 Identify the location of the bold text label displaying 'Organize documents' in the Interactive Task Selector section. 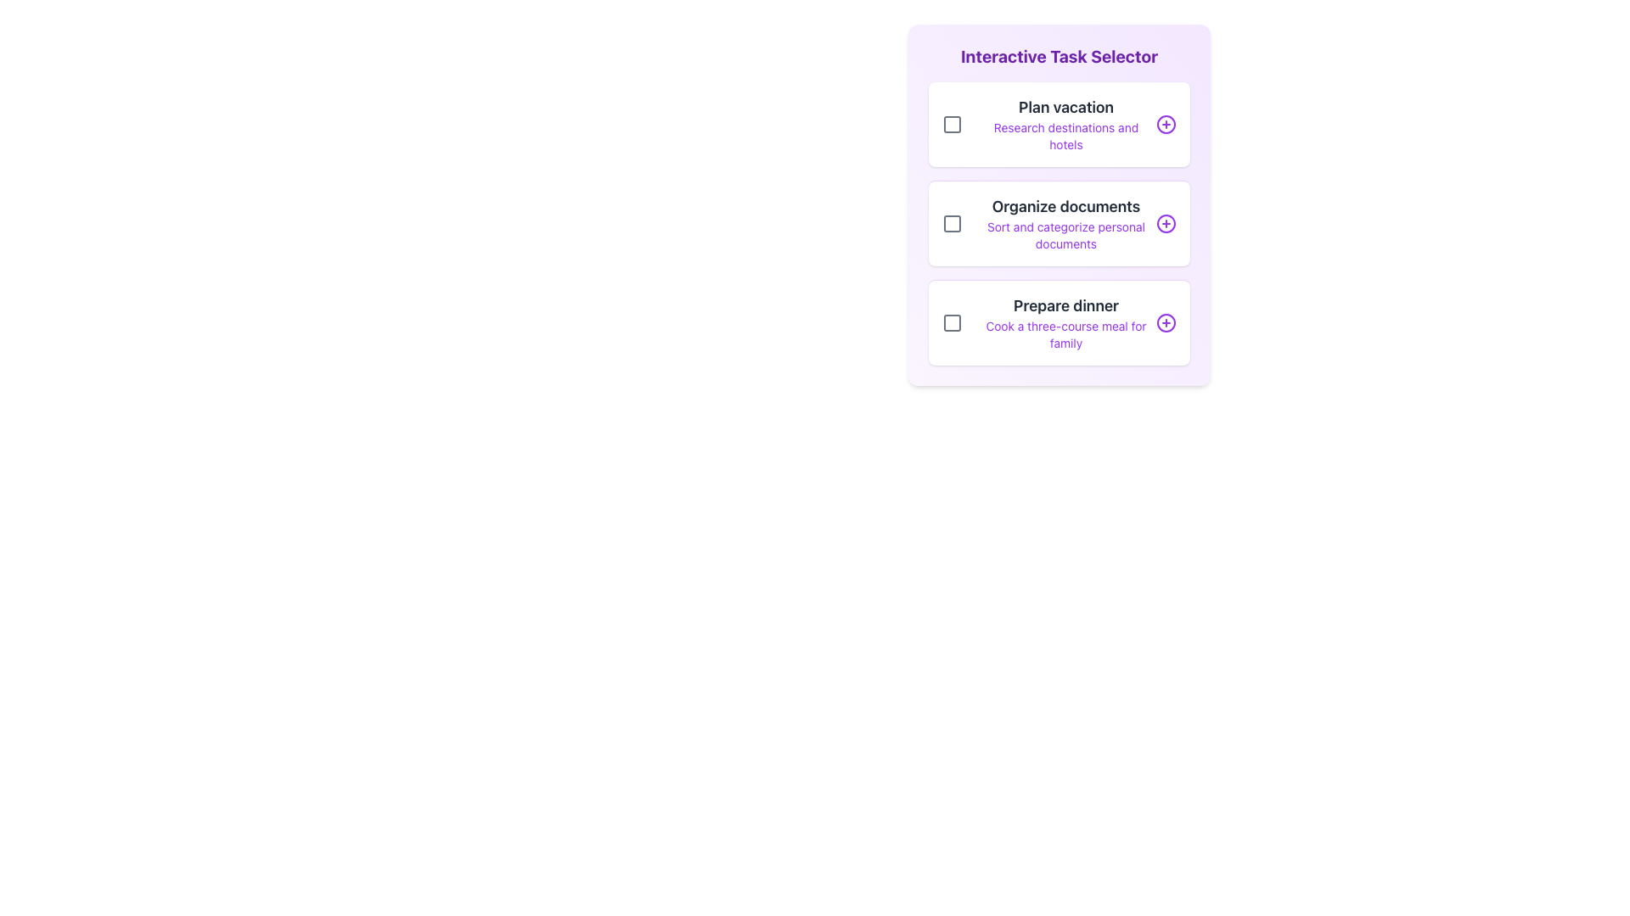
(1065, 205).